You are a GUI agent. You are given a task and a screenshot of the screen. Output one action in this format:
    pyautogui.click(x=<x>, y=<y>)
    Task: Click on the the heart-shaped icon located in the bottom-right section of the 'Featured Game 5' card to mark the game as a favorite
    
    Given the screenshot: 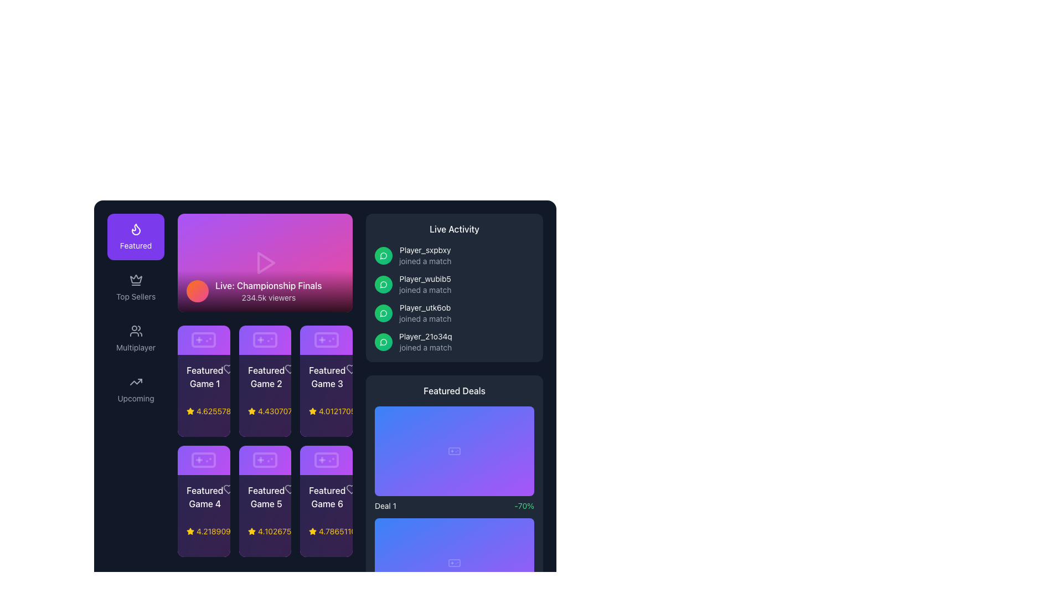 What is the action you would take?
    pyautogui.click(x=290, y=488)
    